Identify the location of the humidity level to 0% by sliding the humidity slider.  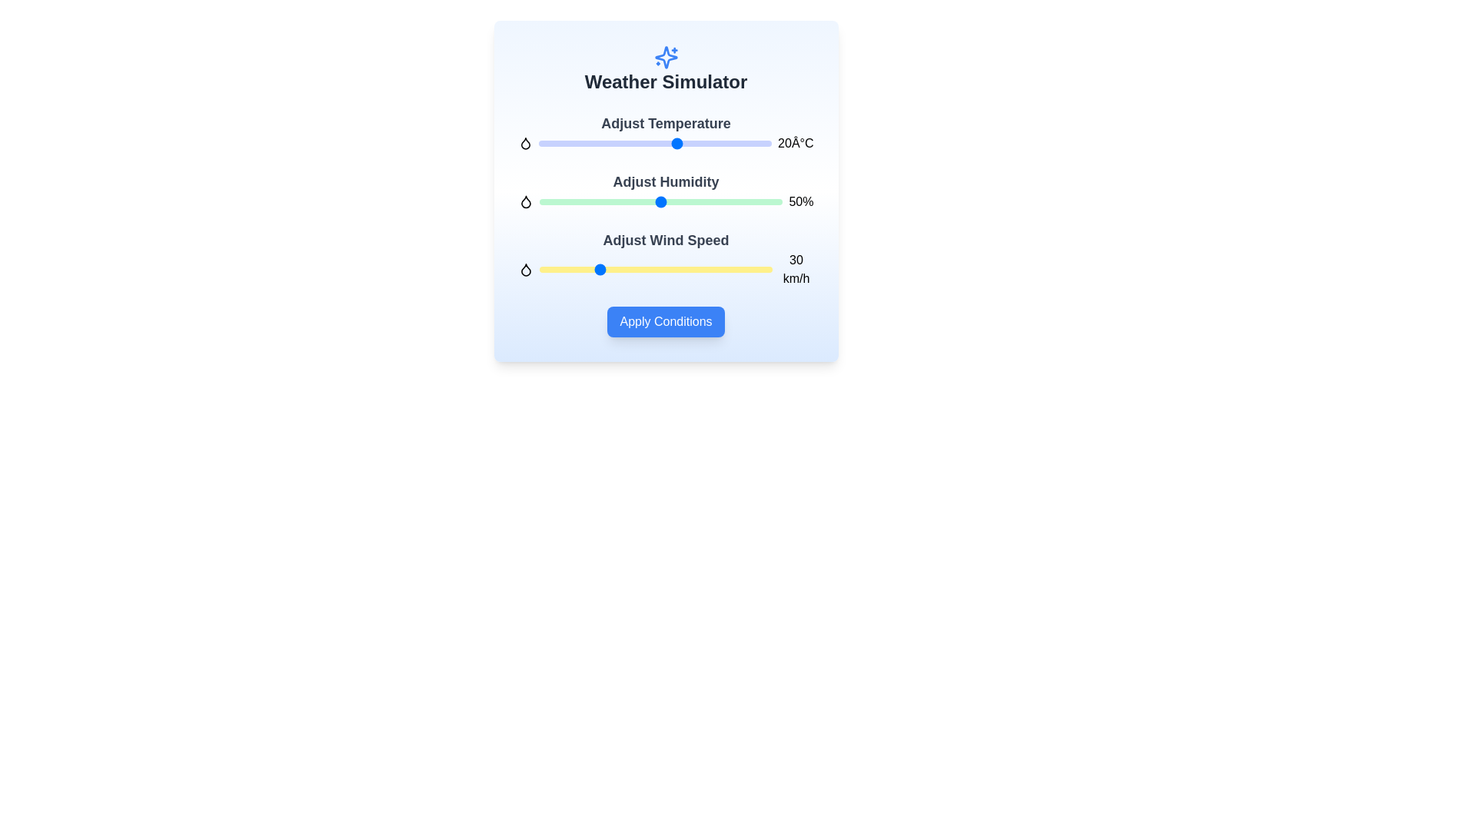
(540, 201).